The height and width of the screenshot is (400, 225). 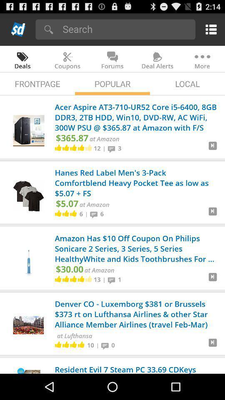 I want to click on open the deal, so click(x=212, y=149).